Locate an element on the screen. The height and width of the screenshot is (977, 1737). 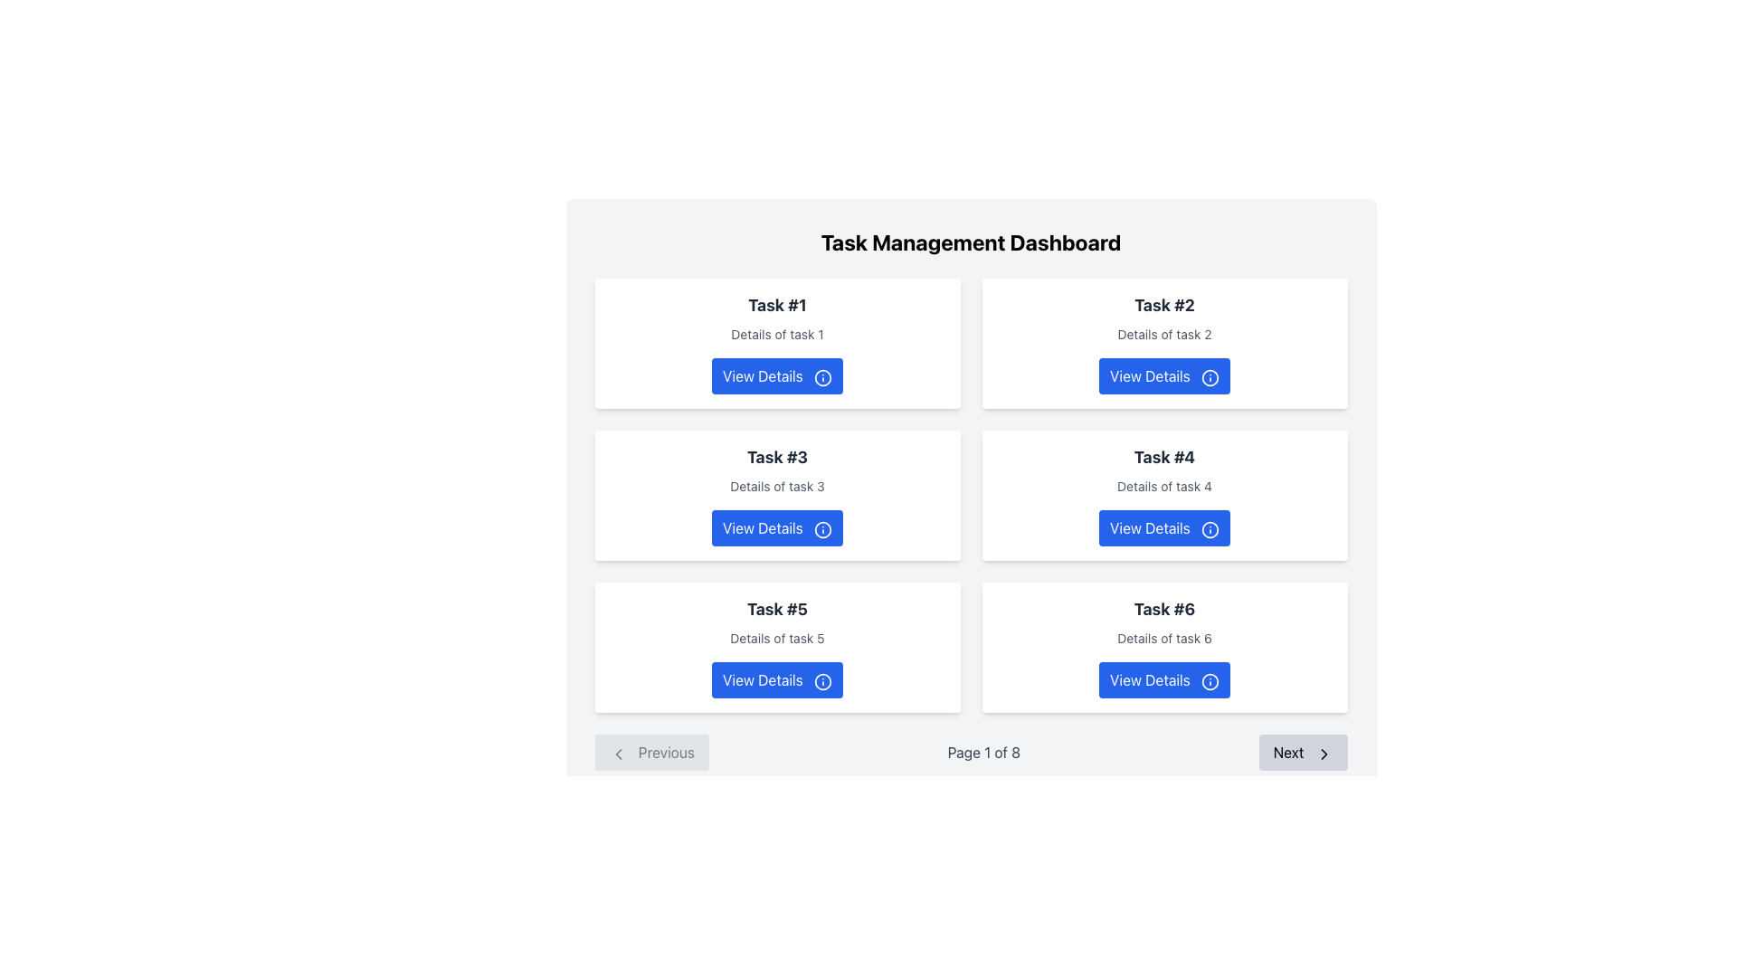
the text label that reads 'Details of task 3', which is styled in a small gray font and located directly under the header 'Task #3' within the card layout is located at coordinates (777, 485).